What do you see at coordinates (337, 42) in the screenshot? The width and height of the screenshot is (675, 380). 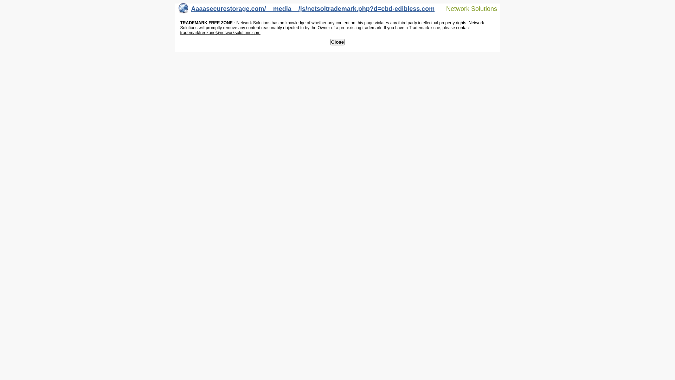 I see `'Close'` at bounding box center [337, 42].